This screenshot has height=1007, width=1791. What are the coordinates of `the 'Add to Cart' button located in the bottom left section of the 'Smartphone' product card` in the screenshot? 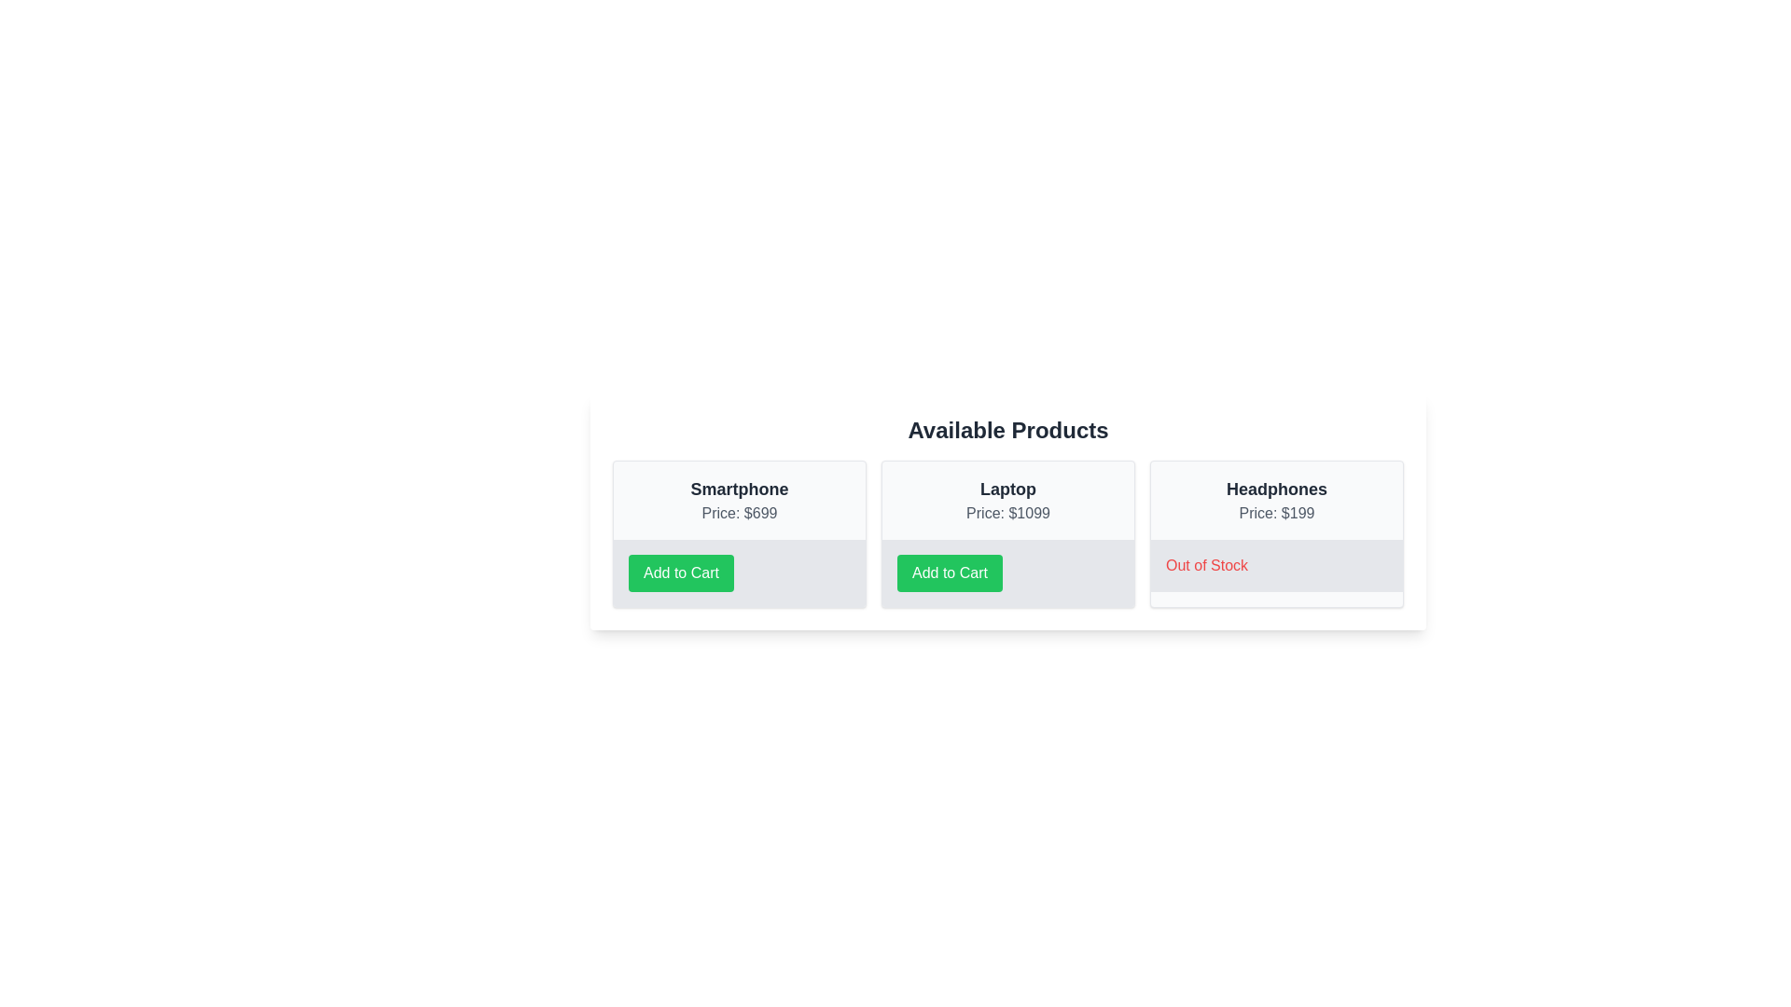 It's located at (680, 572).